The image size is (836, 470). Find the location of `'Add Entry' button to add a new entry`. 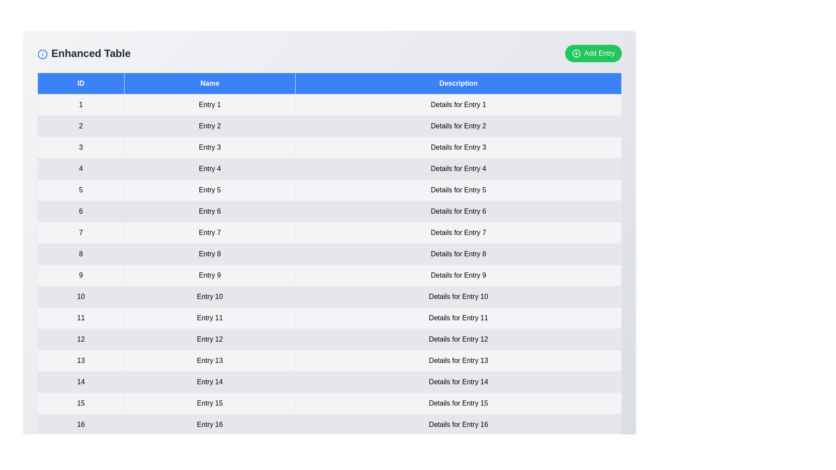

'Add Entry' button to add a new entry is located at coordinates (593, 54).